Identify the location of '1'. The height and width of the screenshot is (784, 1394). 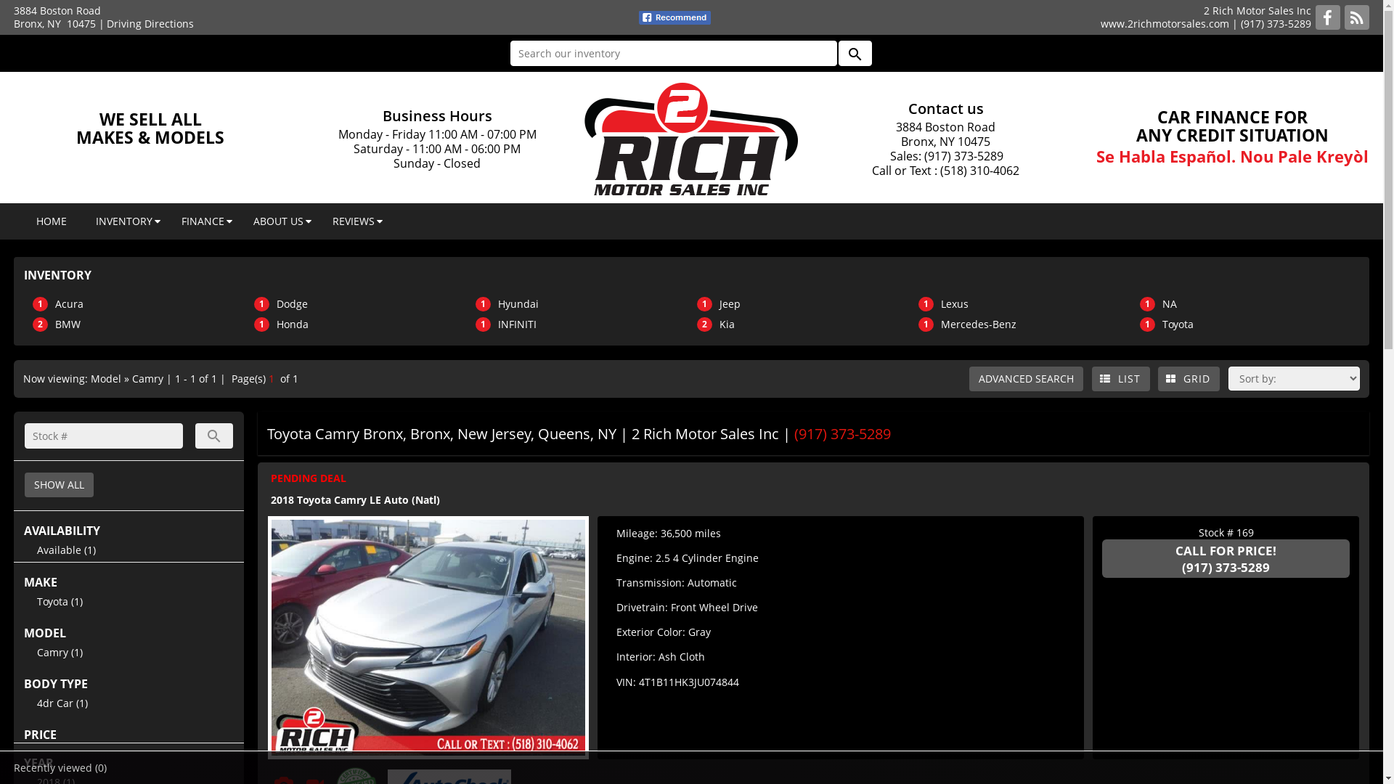
(268, 377).